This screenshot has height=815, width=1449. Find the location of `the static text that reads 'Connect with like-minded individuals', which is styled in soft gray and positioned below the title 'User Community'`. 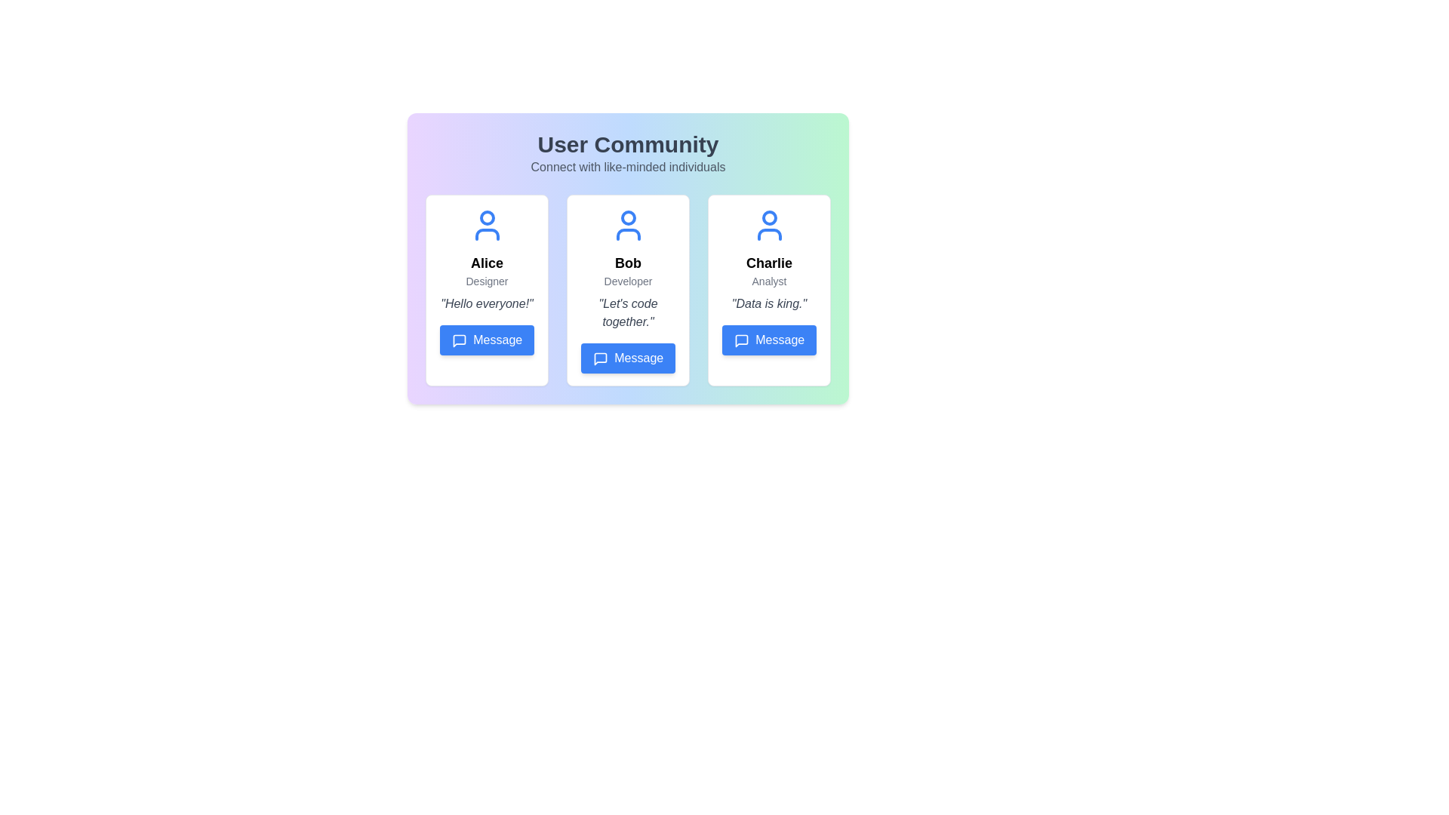

the static text that reads 'Connect with like-minded individuals', which is styled in soft gray and positioned below the title 'User Community' is located at coordinates (628, 168).